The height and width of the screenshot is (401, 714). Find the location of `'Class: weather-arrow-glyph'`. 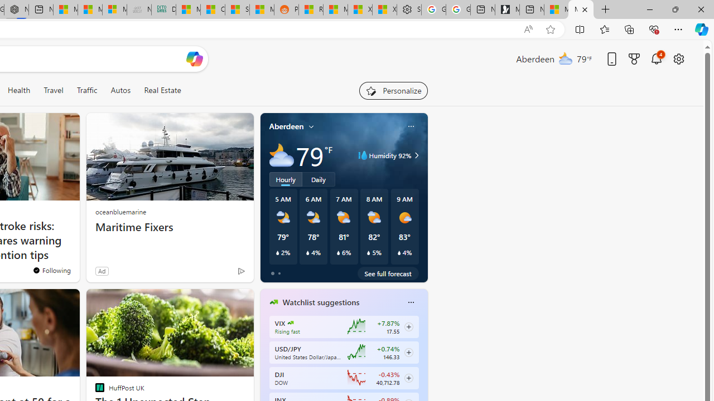

'Class: weather-arrow-glyph' is located at coordinates (416, 155).